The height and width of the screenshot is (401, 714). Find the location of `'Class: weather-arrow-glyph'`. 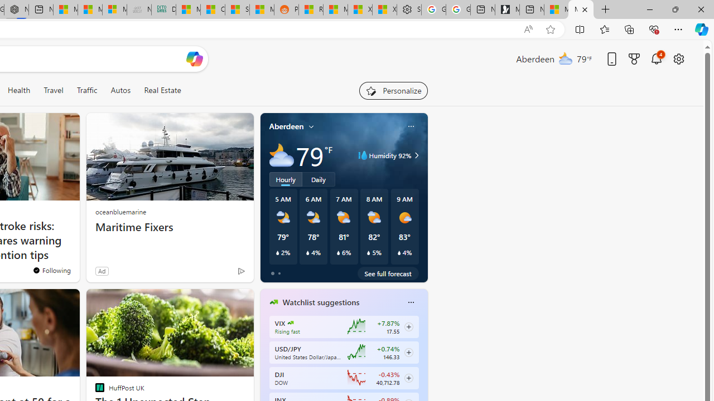

'Class: weather-arrow-glyph' is located at coordinates (416, 155).